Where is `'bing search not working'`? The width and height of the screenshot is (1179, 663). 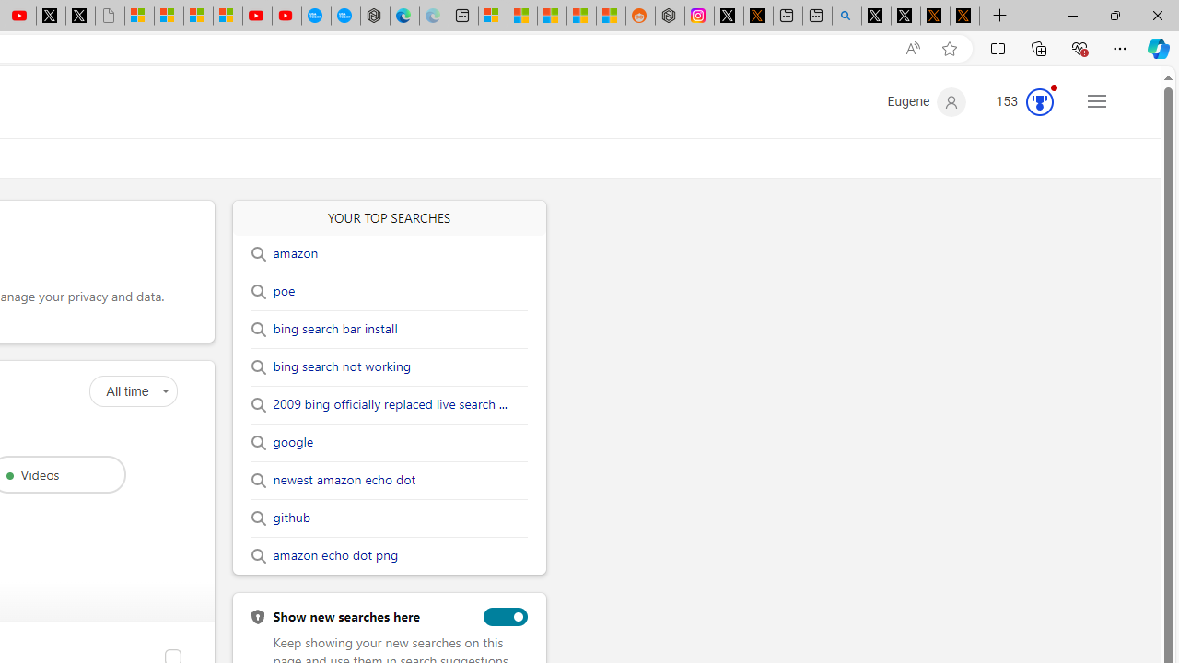 'bing search not working' is located at coordinates (342, 366).